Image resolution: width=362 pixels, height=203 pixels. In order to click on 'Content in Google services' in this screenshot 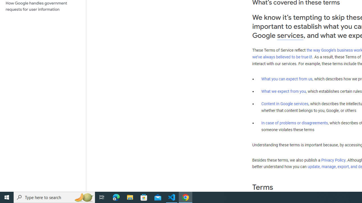, I will do `click(285, 104)`.